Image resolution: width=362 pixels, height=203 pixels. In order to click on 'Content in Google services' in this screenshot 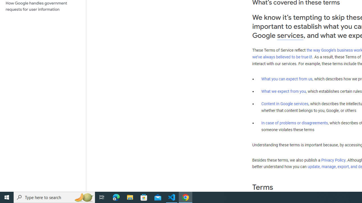, I will do `click(285, 104)`.